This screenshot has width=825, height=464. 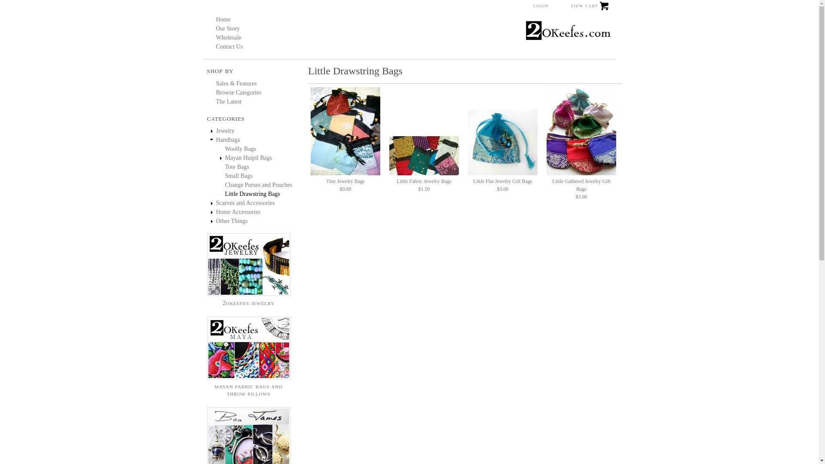 I want to click on 'Other Things', so click(x=231, y=220).